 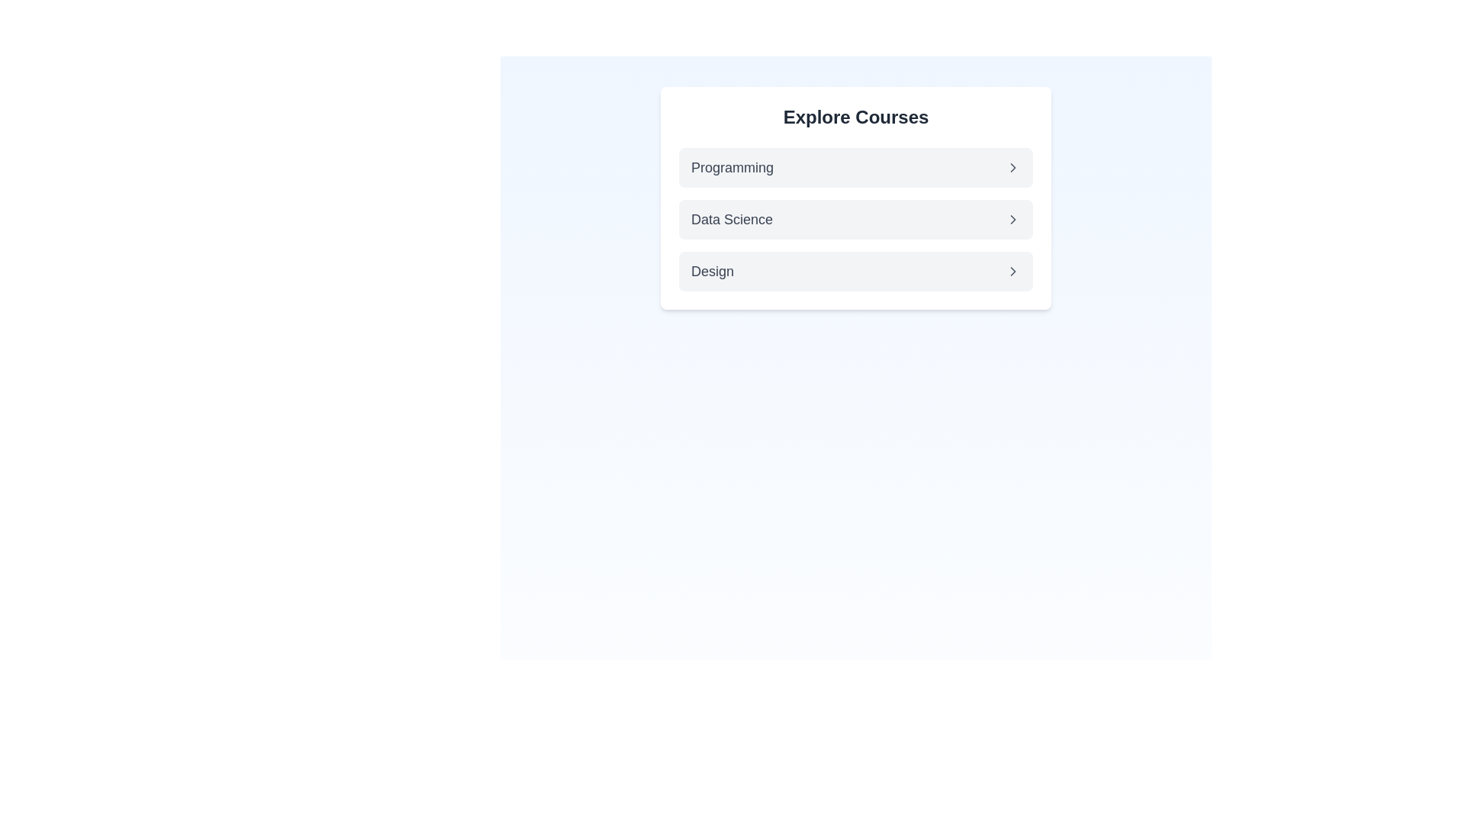 What do you see at coordinates (856, 220) in the screenshot?
I see `the 'Data Science' button, which is the second item in the 'Explore Courses' list` at bounding box center [856, 220].